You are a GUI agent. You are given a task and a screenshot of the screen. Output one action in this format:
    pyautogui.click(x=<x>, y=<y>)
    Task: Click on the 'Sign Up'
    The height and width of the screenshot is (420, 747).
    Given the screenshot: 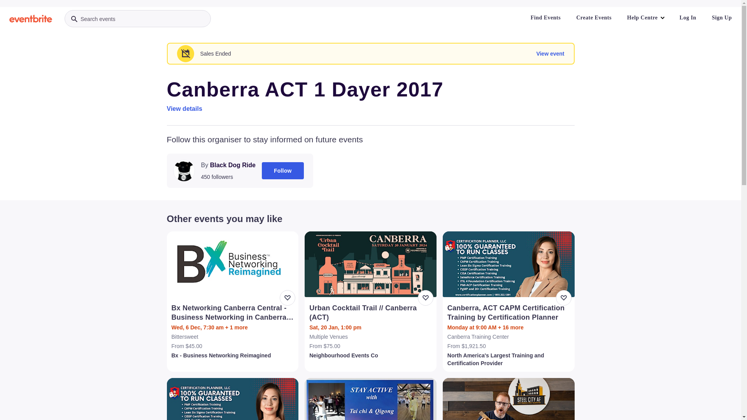 What is the action you would take?
    pyautogui.click(x=721, y=17)
    